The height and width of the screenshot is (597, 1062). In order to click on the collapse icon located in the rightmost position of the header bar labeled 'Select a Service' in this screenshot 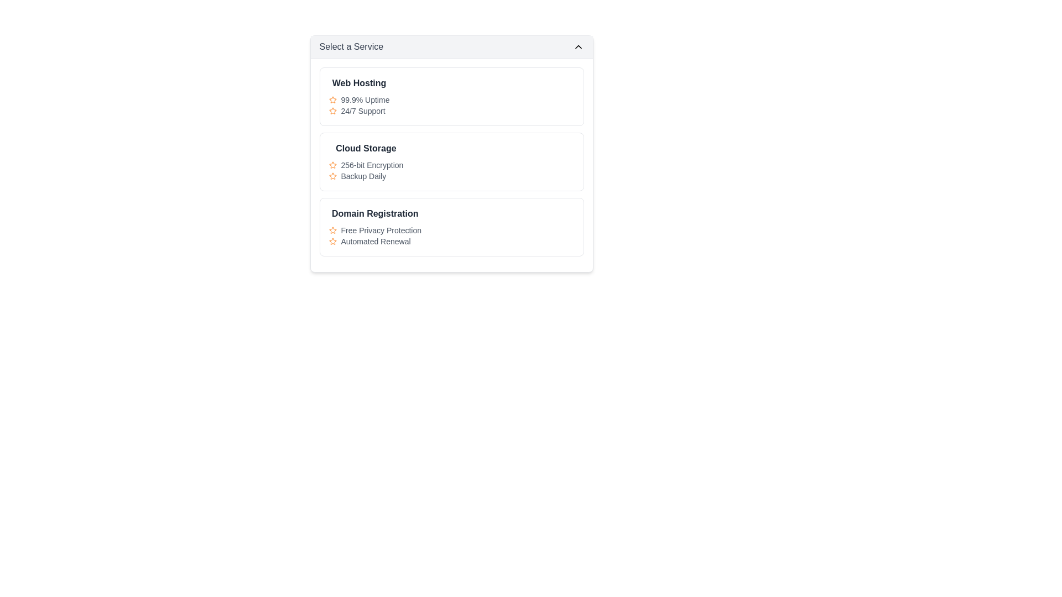, I will do `click(577, 46)`.